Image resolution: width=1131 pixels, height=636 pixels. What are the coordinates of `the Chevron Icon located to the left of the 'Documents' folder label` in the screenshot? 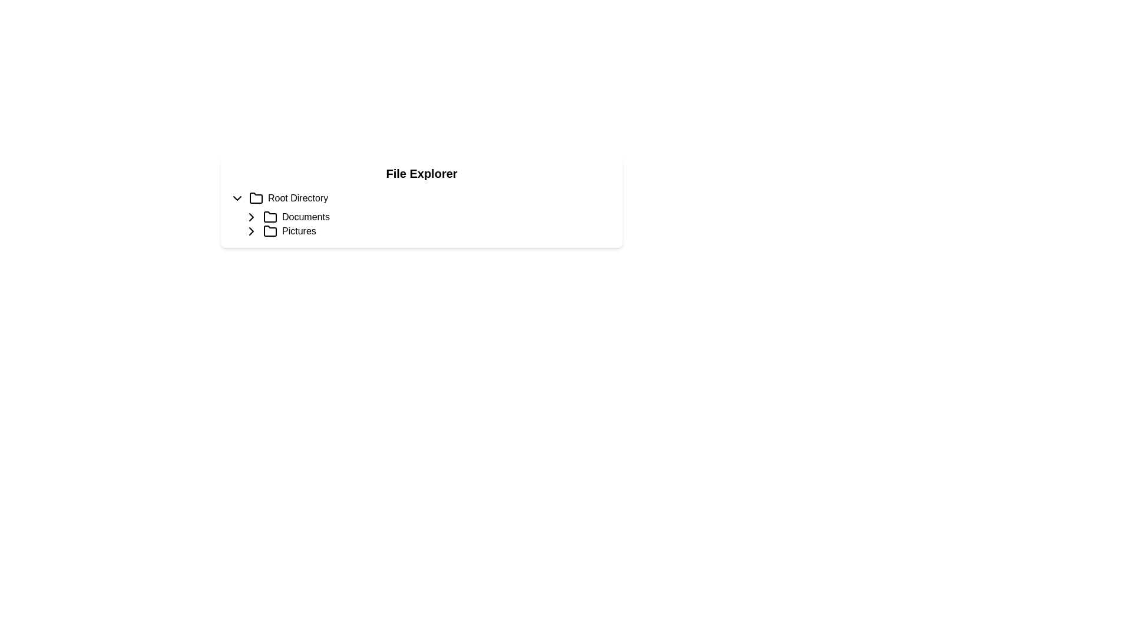 It's located at (251, 231).